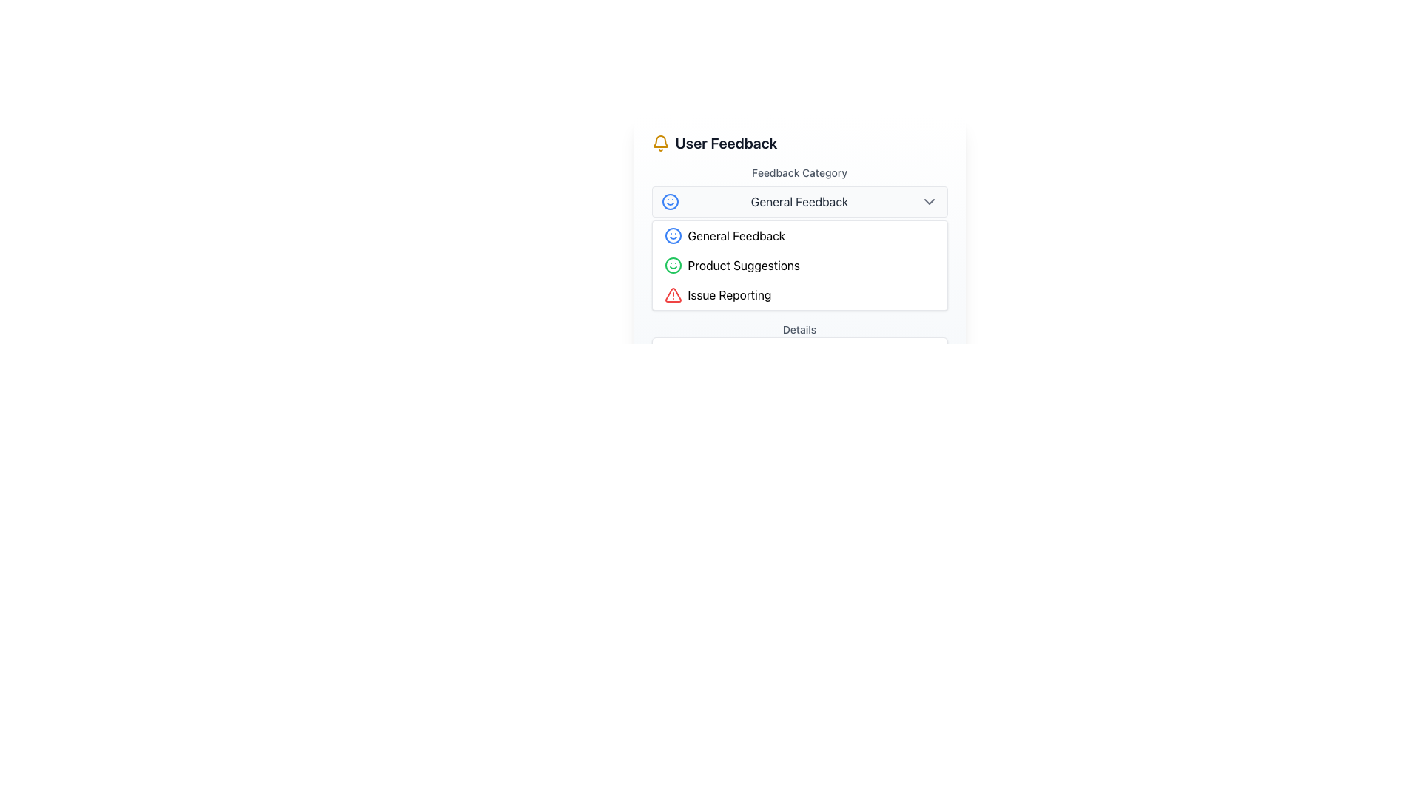  Describe the element at coordinates (744, 264) in the screenshot. I see `the 'Product Suggestions' text label, which is styled in black font on a white background and is located between 'General Feedback' and 'Issue Reporting' categories` at that location.